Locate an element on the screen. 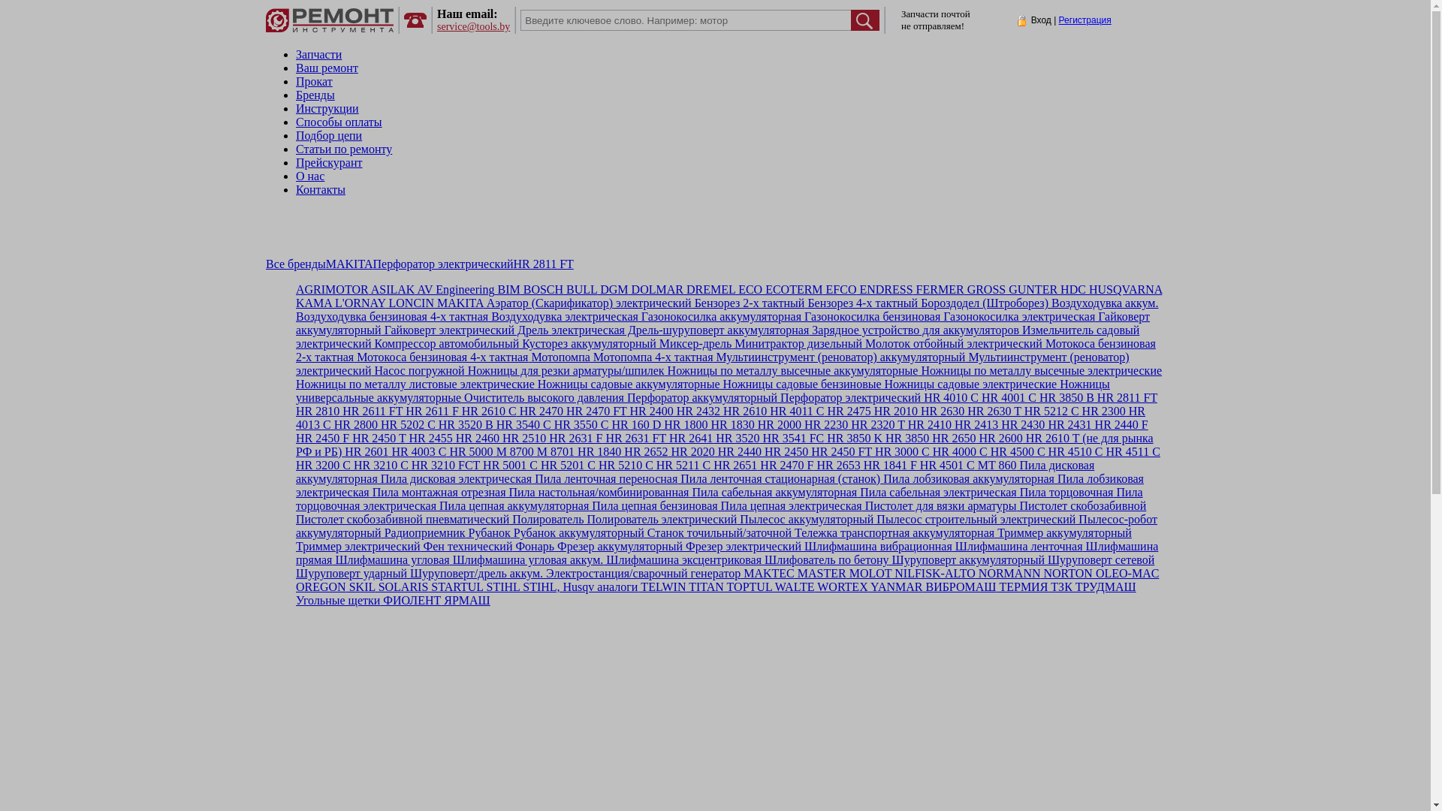 This screenshot has height=811, width=1442. 'KAMA' is located at coordinates (295, 303).